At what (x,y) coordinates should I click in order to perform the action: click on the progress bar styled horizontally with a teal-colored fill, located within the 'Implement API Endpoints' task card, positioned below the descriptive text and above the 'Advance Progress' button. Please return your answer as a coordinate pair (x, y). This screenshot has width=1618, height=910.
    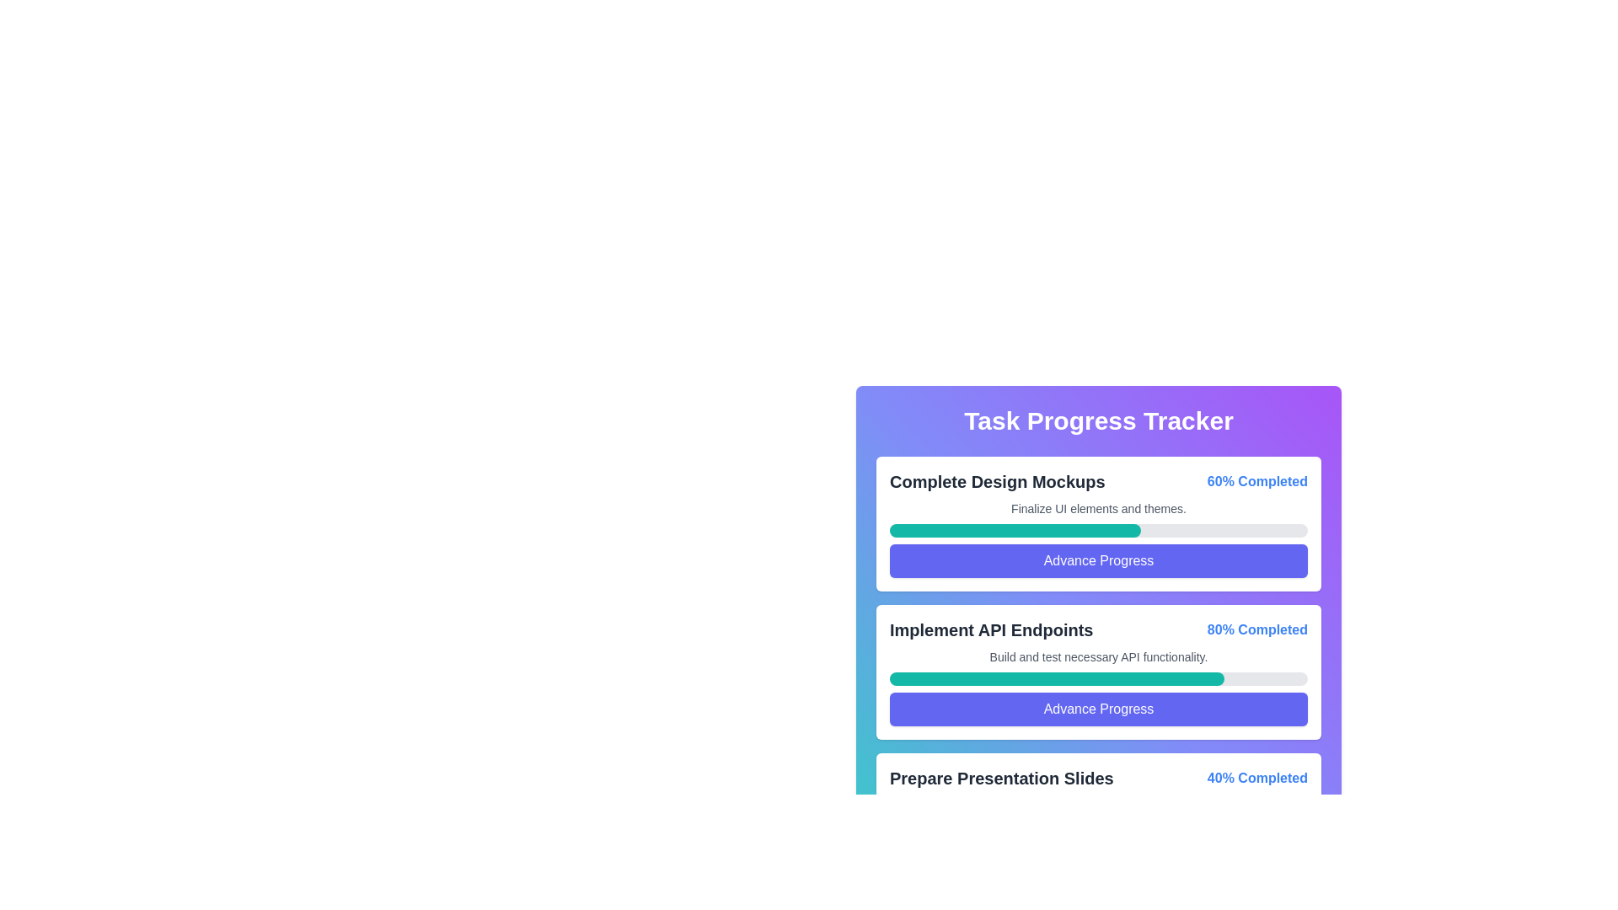
    Looking at the image, I should click on (1099, 678).